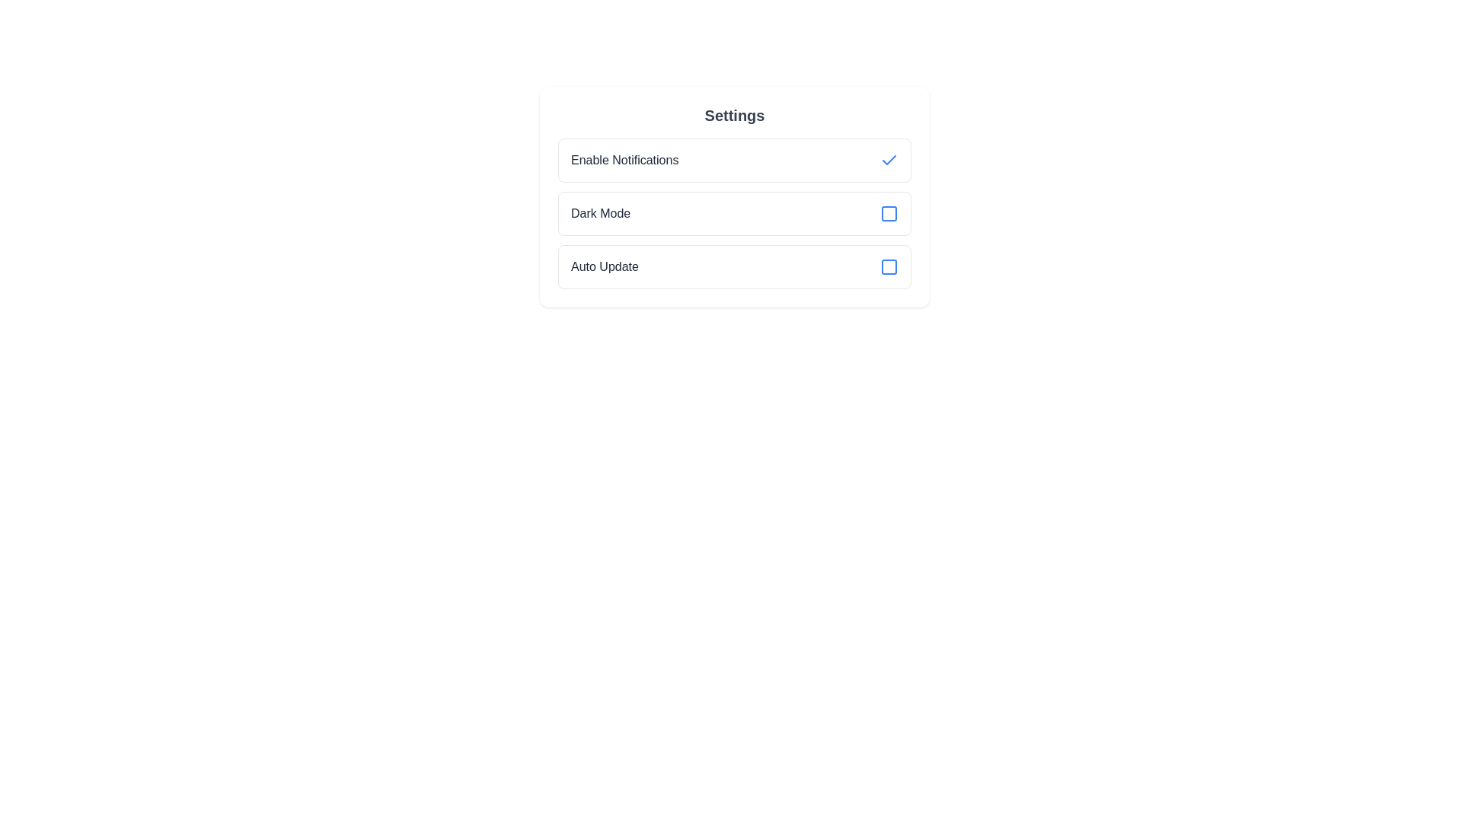 The image size is (1462, 822). Describe the element at coordinates (624, 161) in the screenshot. I see `the Text label that describes the option for enabling notifications, which is positioned above the 'Dark Mode' and 'Auto Update' options` at that location.